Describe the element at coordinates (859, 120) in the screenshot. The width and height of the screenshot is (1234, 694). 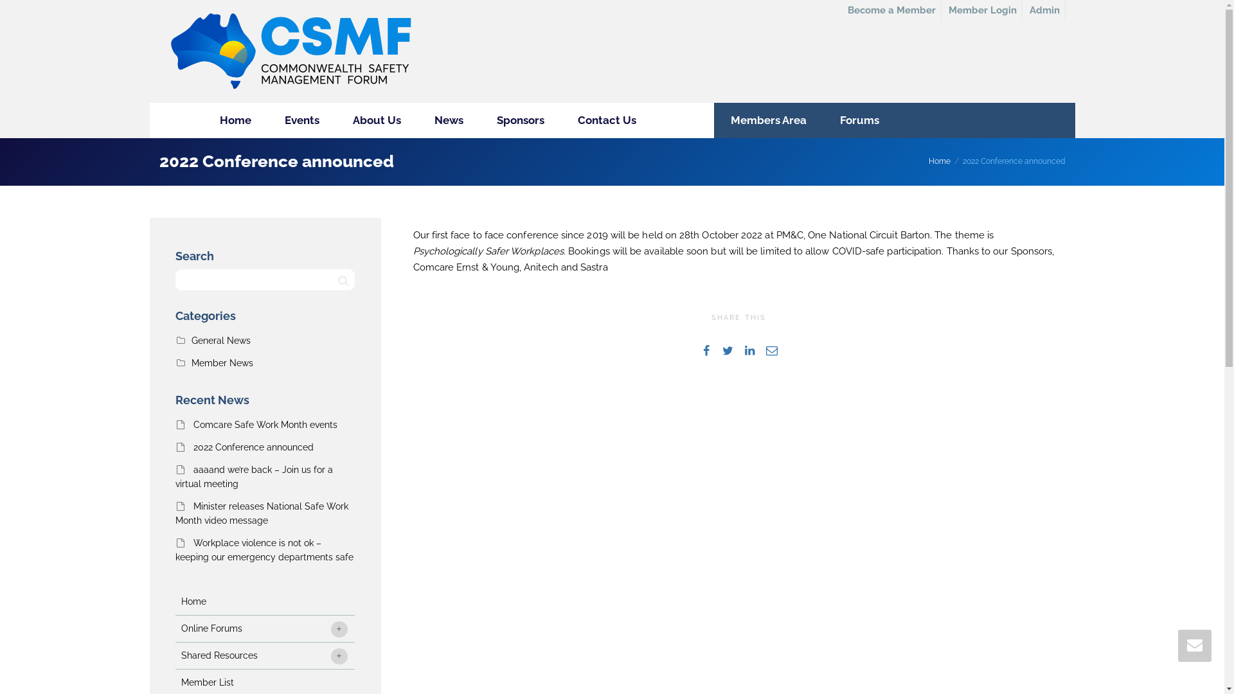
I see `'Forums'` at that location.